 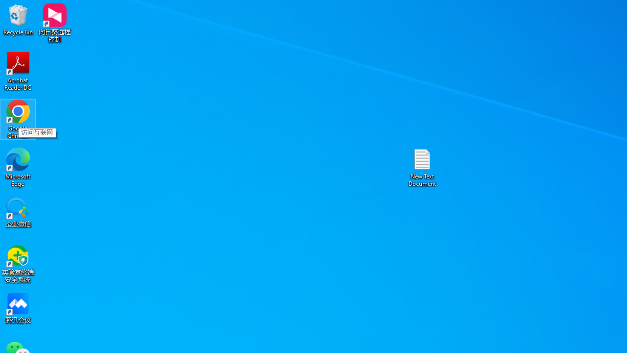 What do you see at coordinates (18, 167) in the screenshot?
I see `'Microsoft Edge'` at bounding box center [18, 167].